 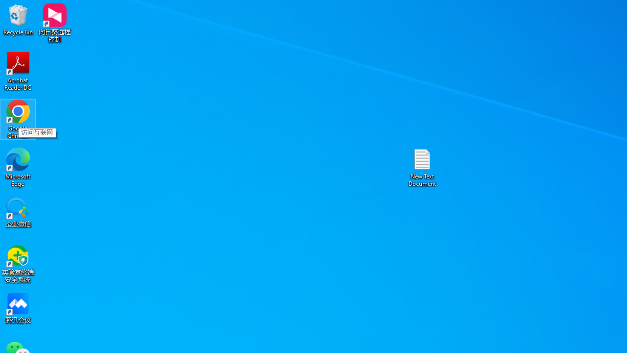 What do you see at coordinates (18, 167) in the screenshot?
I see `'Microsoft Edge'` at bounding box center [18, 167].